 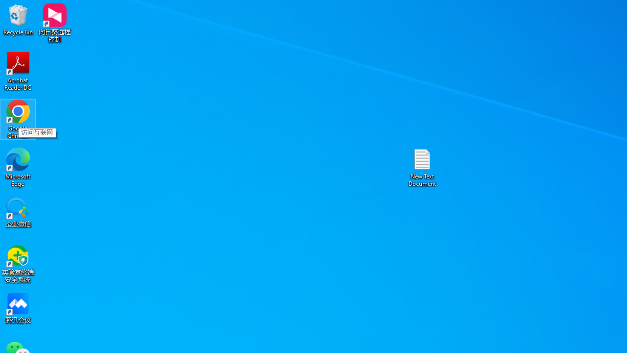 What do you see at coordinates (18, 167) in the screenshot?
I see `'Microsoft Edge'` at bounding box center [18, 167].